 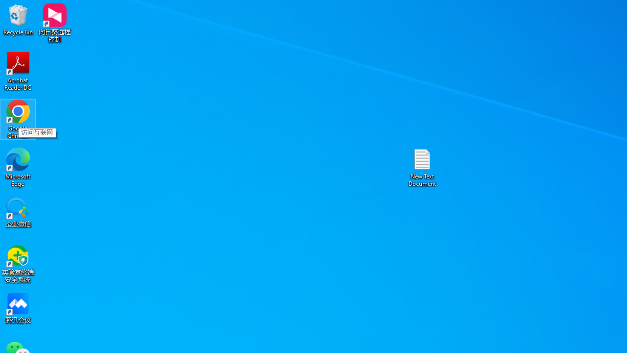 What do you see at coordinates (18, 167) in the screenshot?
I see `'Microsoft Edge'` at bounding box center [18, 167].